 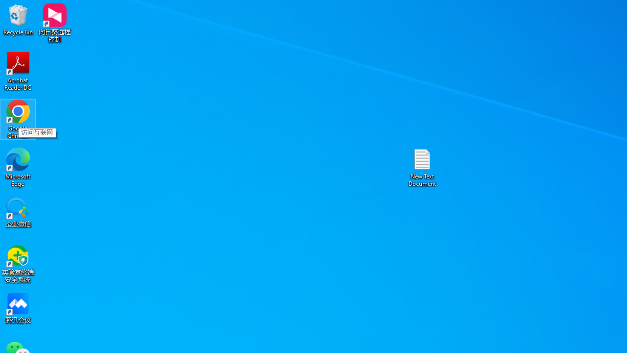 What do you see at coordinates (18, 167) in the screenshot?
I see `'Microsoft Edge'` at bounding box center [18, 167].